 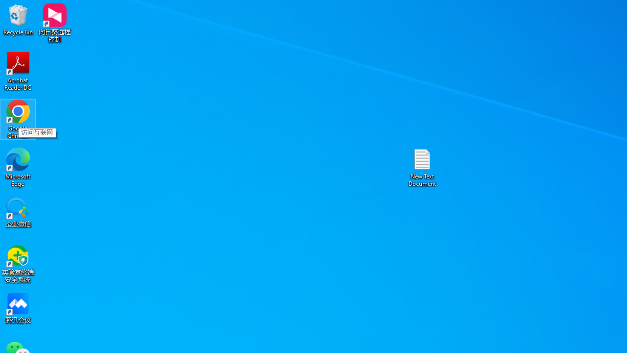 What do you see at coordinates (18, 167) in the screenshot?
I see `'Microsoft Edge'` at bounding box center [18, 167].